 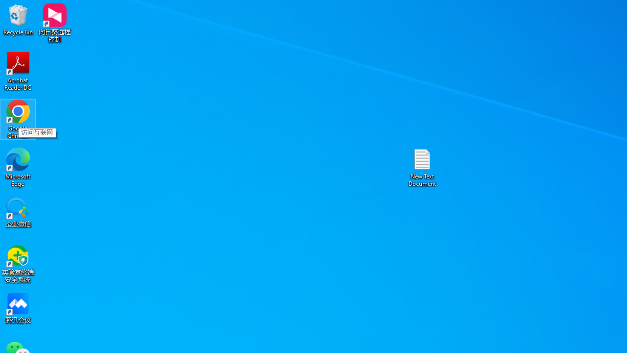 What do you see at coordinates (18, 167) in the screenshot?
I see `'Microsoft Edge'` at bounding box center [18, 167].